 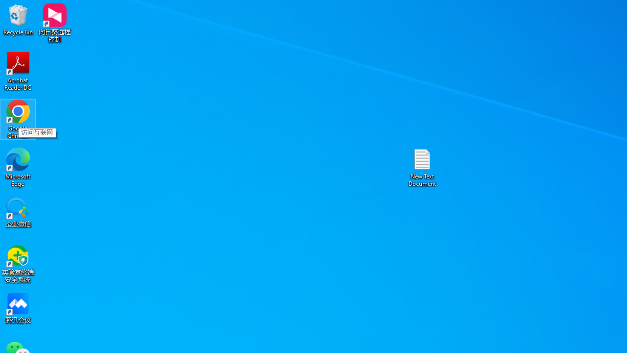 What do you see at coordinates (18, 167) in the screenshot?
I see `'Microsoft Edge'` at bounding box center [18, 167].